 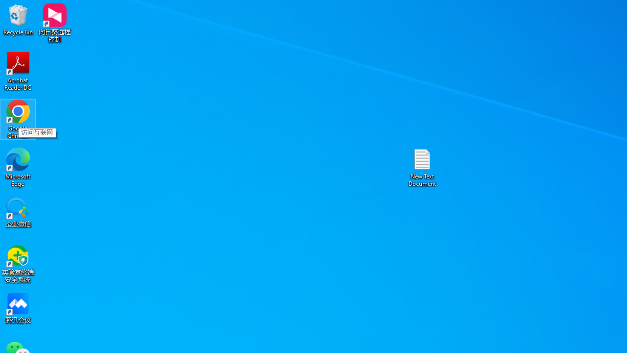 What do you see at coordinates (18, 167) in the screenshot?
I see `'Microsoft Edge'` at bounding box center [18, 167].